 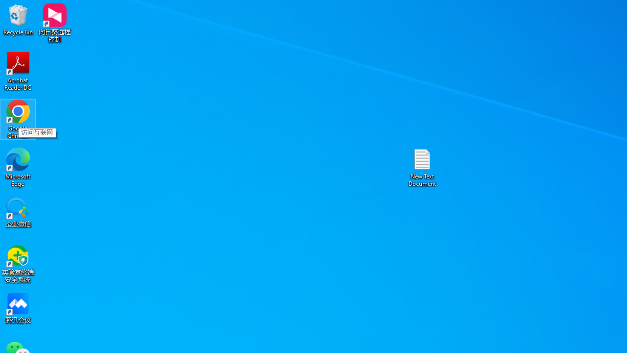 What do you see at coordinates (18, 167) in the screenshot?
I see `'Microsoft Edge'` at bounding box center [18, 167].